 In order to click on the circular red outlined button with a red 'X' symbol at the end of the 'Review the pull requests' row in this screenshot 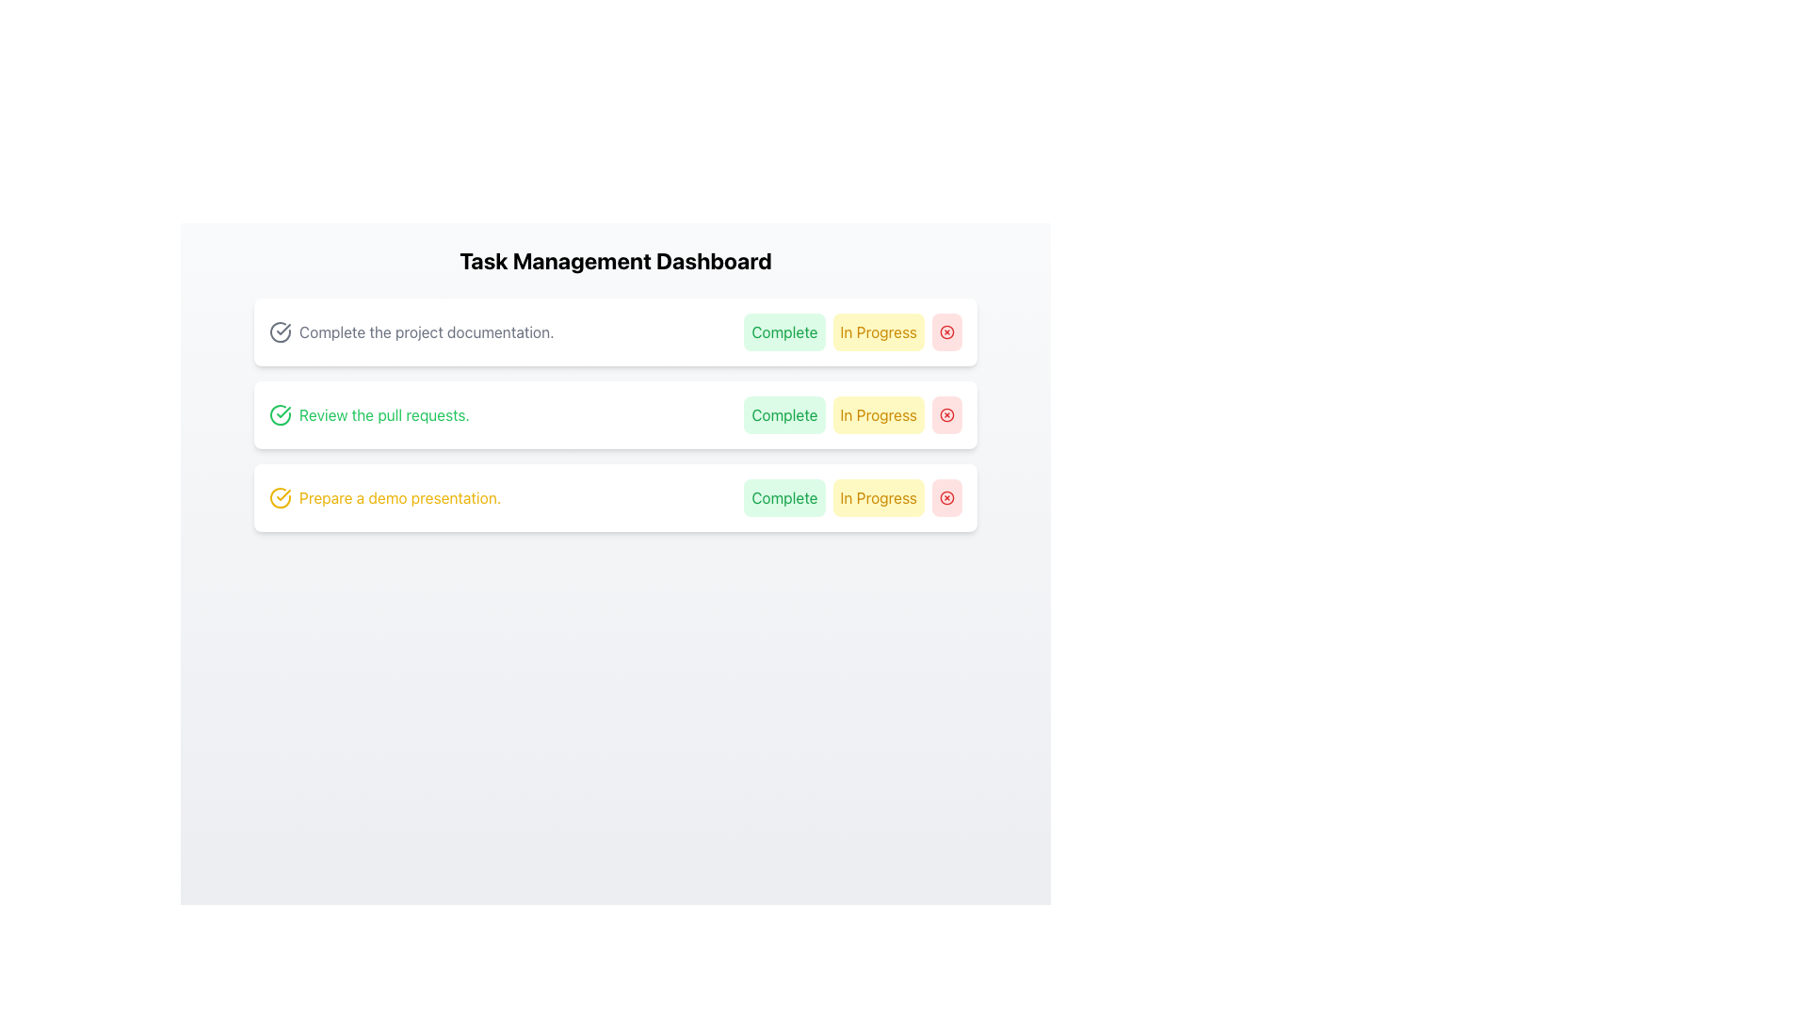, I will do `click(947, 413)`.